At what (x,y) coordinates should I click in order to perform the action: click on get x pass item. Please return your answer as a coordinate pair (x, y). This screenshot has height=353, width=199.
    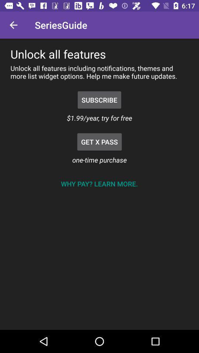
    Looking at the image, I should click on (99, 141).